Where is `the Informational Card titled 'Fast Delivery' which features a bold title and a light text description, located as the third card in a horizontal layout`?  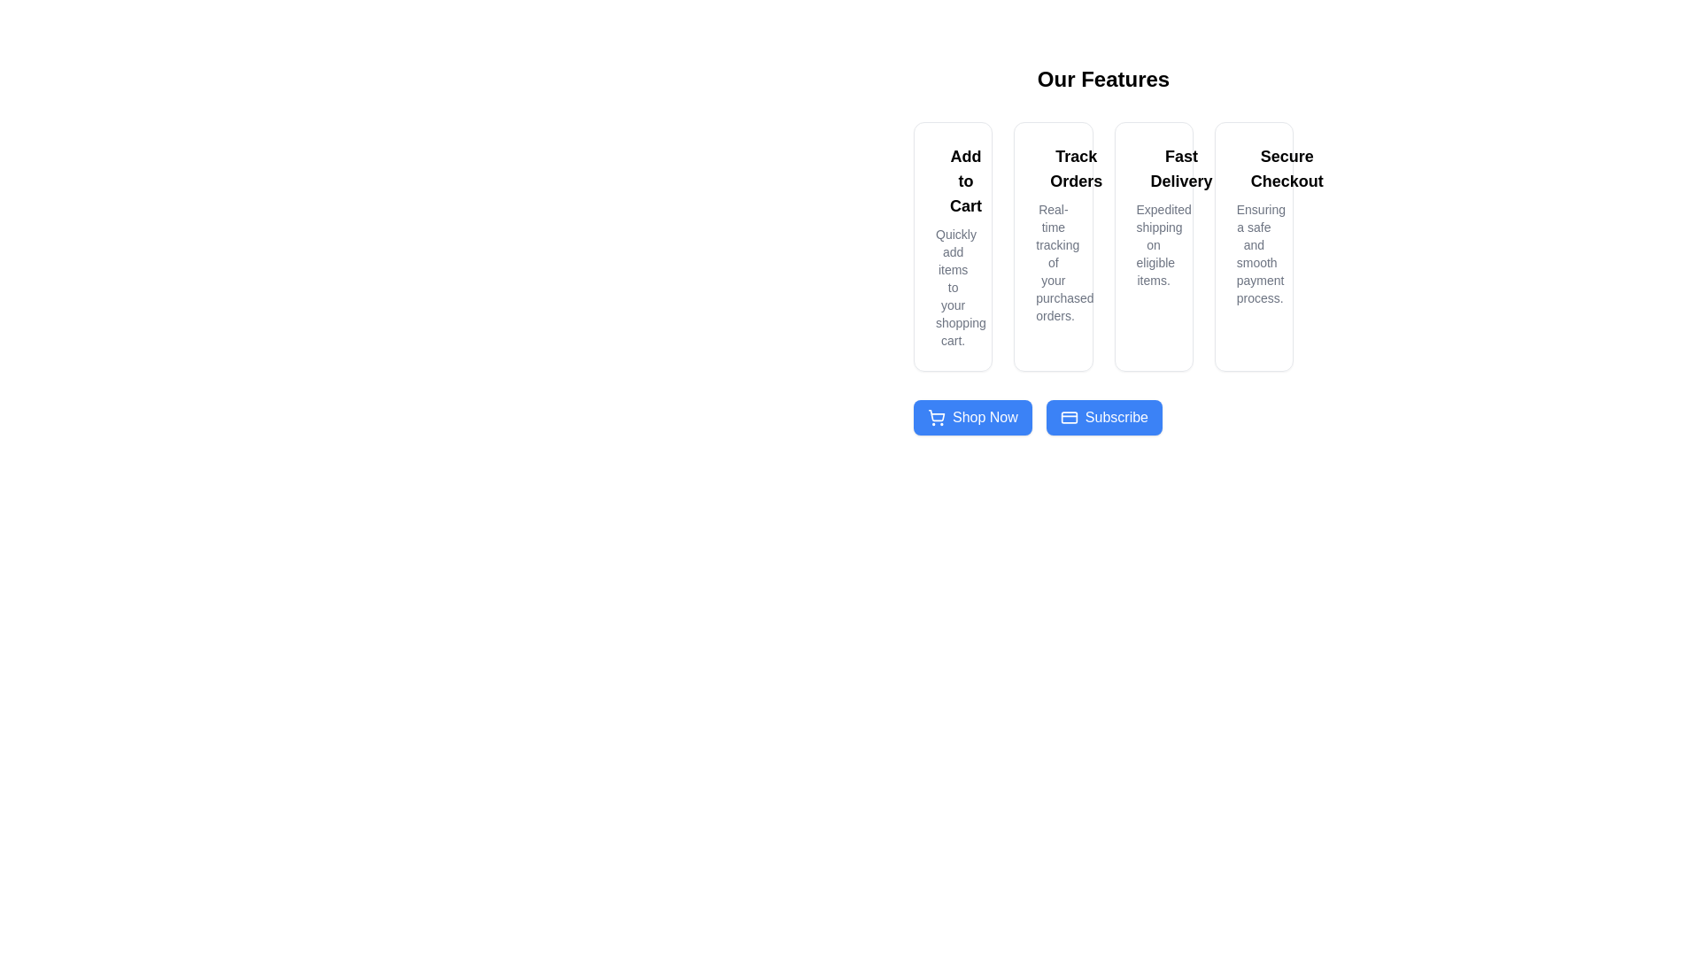
the Informational Card titled 'Fast Delivery' which features a bold title and a light text description, located as the third card in a horizontal layout is located at coordinates (1154, 246).